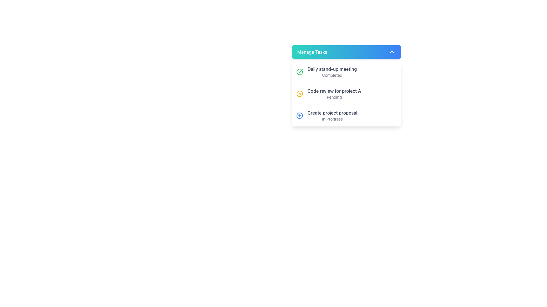 This screenshot has height=307, width=547. Describe the element at coordinates (332, 119) in the screenshot. I see `the text label 'In Progress', which is styled in gray and located beneath the bold task title 'Create project proposal' in the third task entry of the vertical task list` at that location.